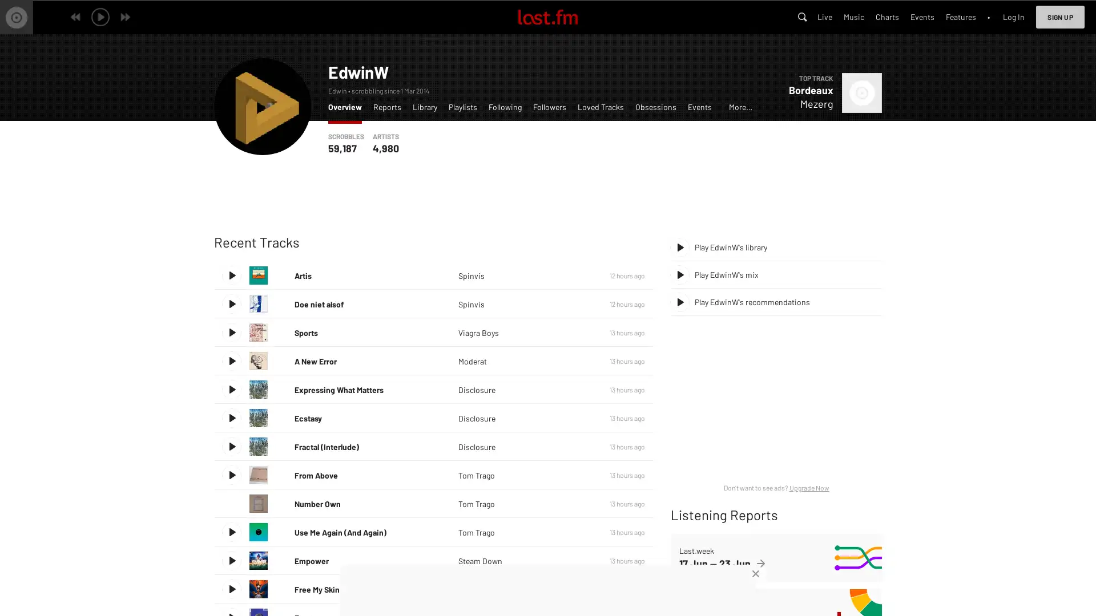  Describe the element at coordinates (776, 247) in the screenshot. I see `Play EdwinW's library` at that location.